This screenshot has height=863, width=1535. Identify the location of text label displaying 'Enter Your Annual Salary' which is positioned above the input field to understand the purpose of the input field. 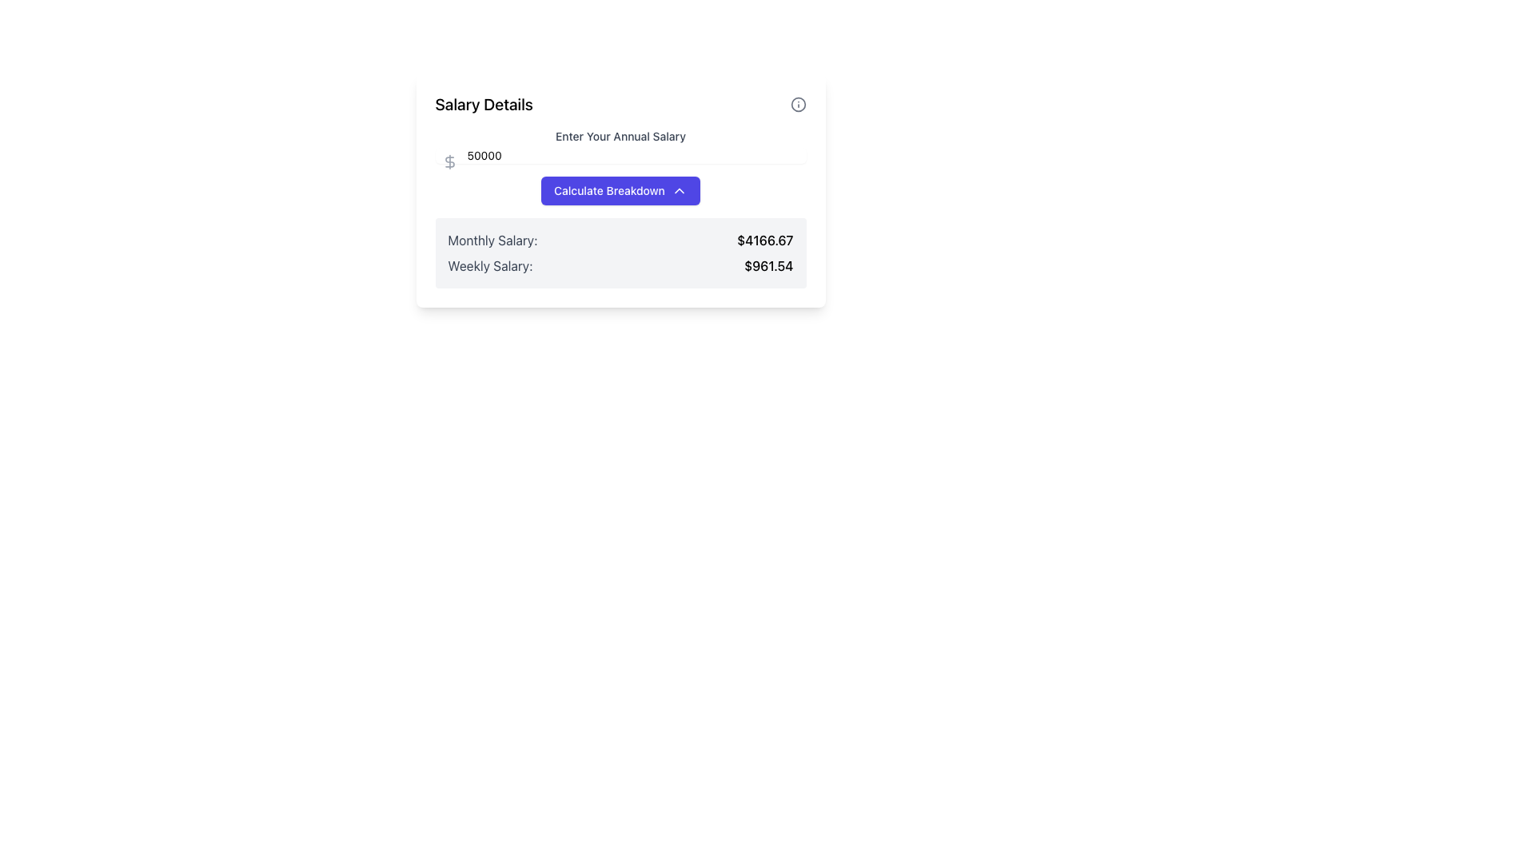
(620, 135).